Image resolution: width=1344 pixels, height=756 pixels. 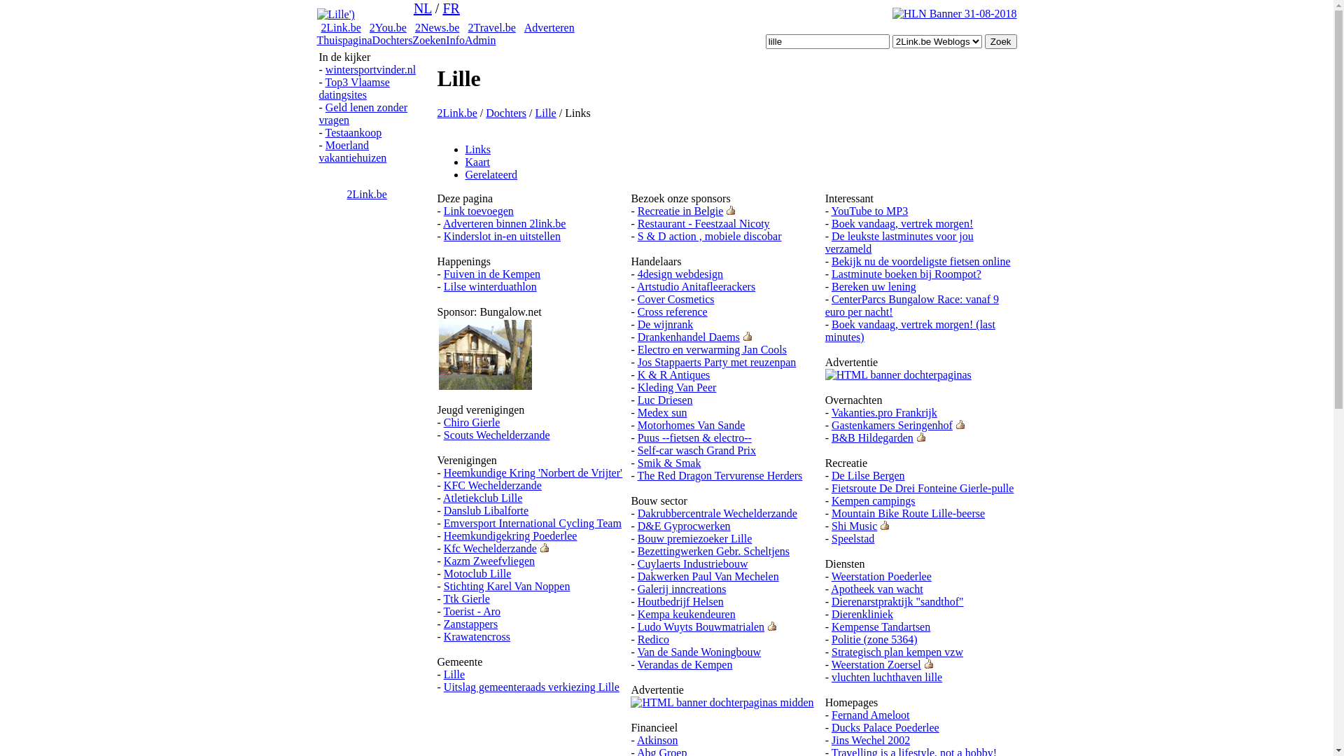 What do you see at coordinates (832, 475) in the screenshot?
I see `'De Lilse Bergen'` at bounding box center [832, 475].